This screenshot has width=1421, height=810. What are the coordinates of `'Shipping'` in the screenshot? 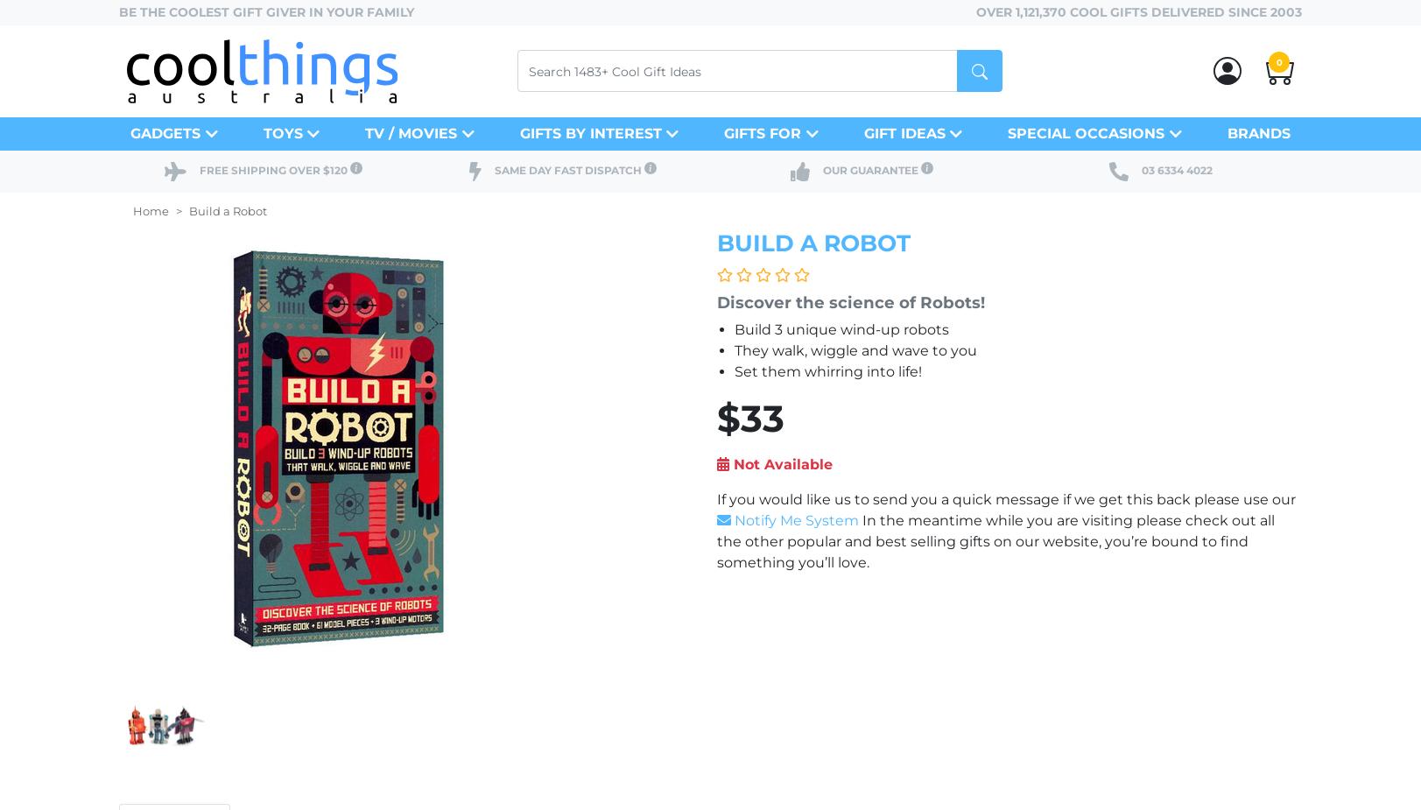 It's located at (231, 168).